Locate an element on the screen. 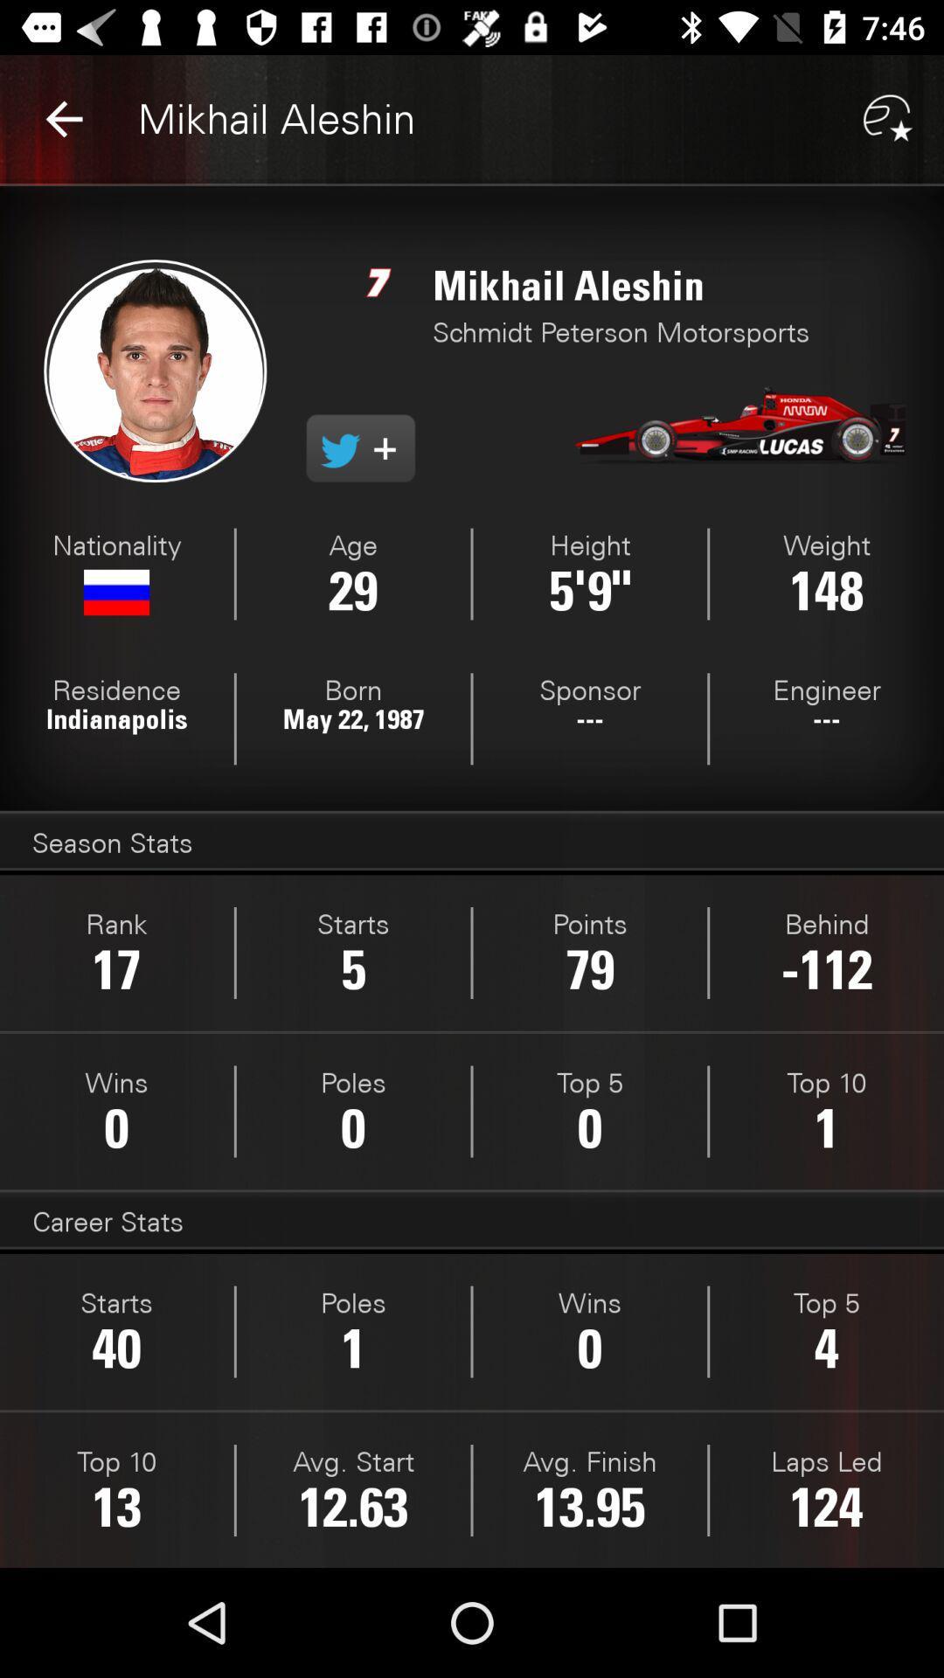  follow on twitter is located at coordinates (359, 448).